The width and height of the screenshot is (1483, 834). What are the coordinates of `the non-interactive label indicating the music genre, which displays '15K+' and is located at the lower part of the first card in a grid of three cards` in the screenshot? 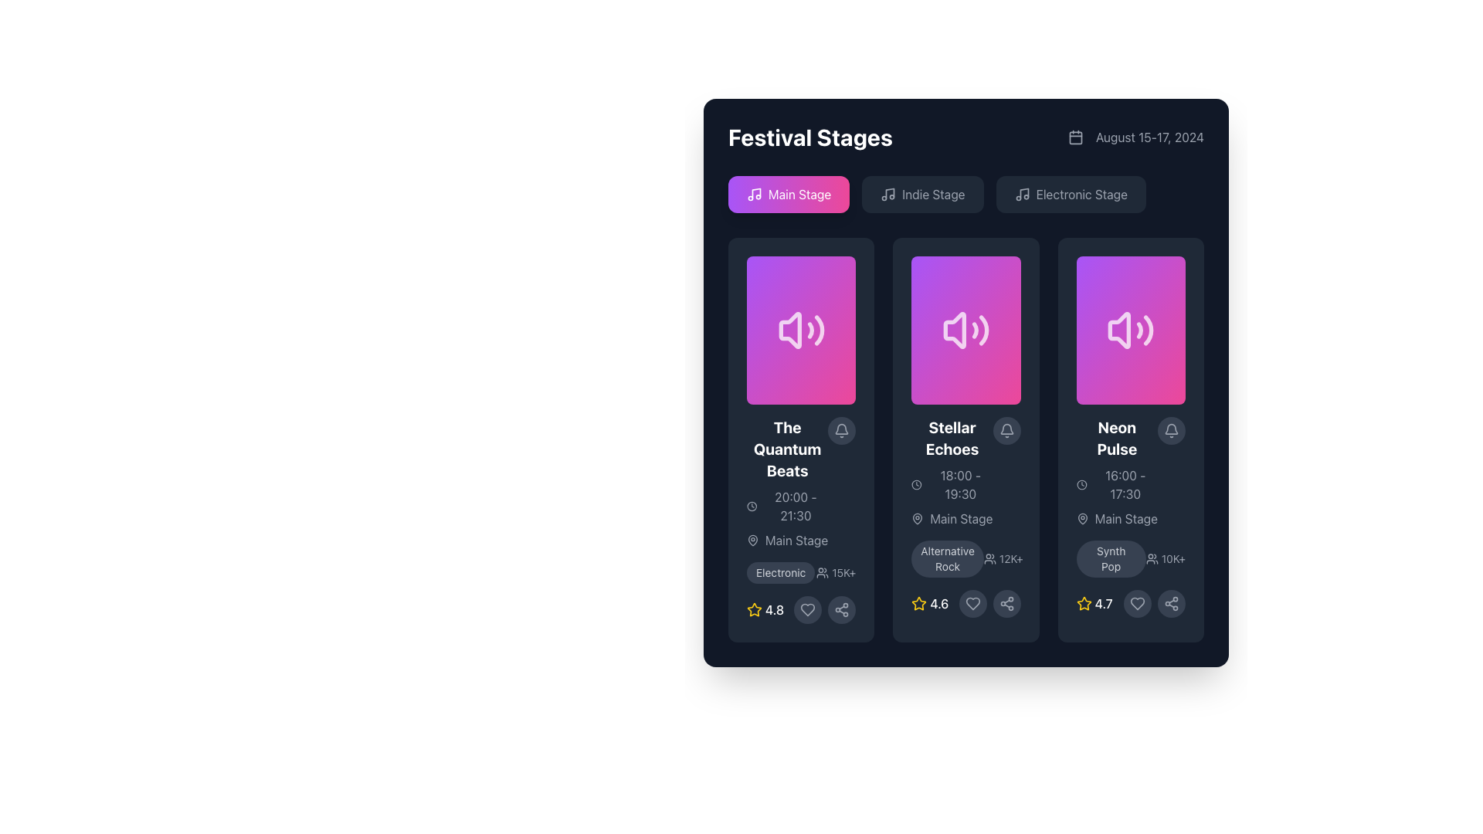 It's located at (781, 572).